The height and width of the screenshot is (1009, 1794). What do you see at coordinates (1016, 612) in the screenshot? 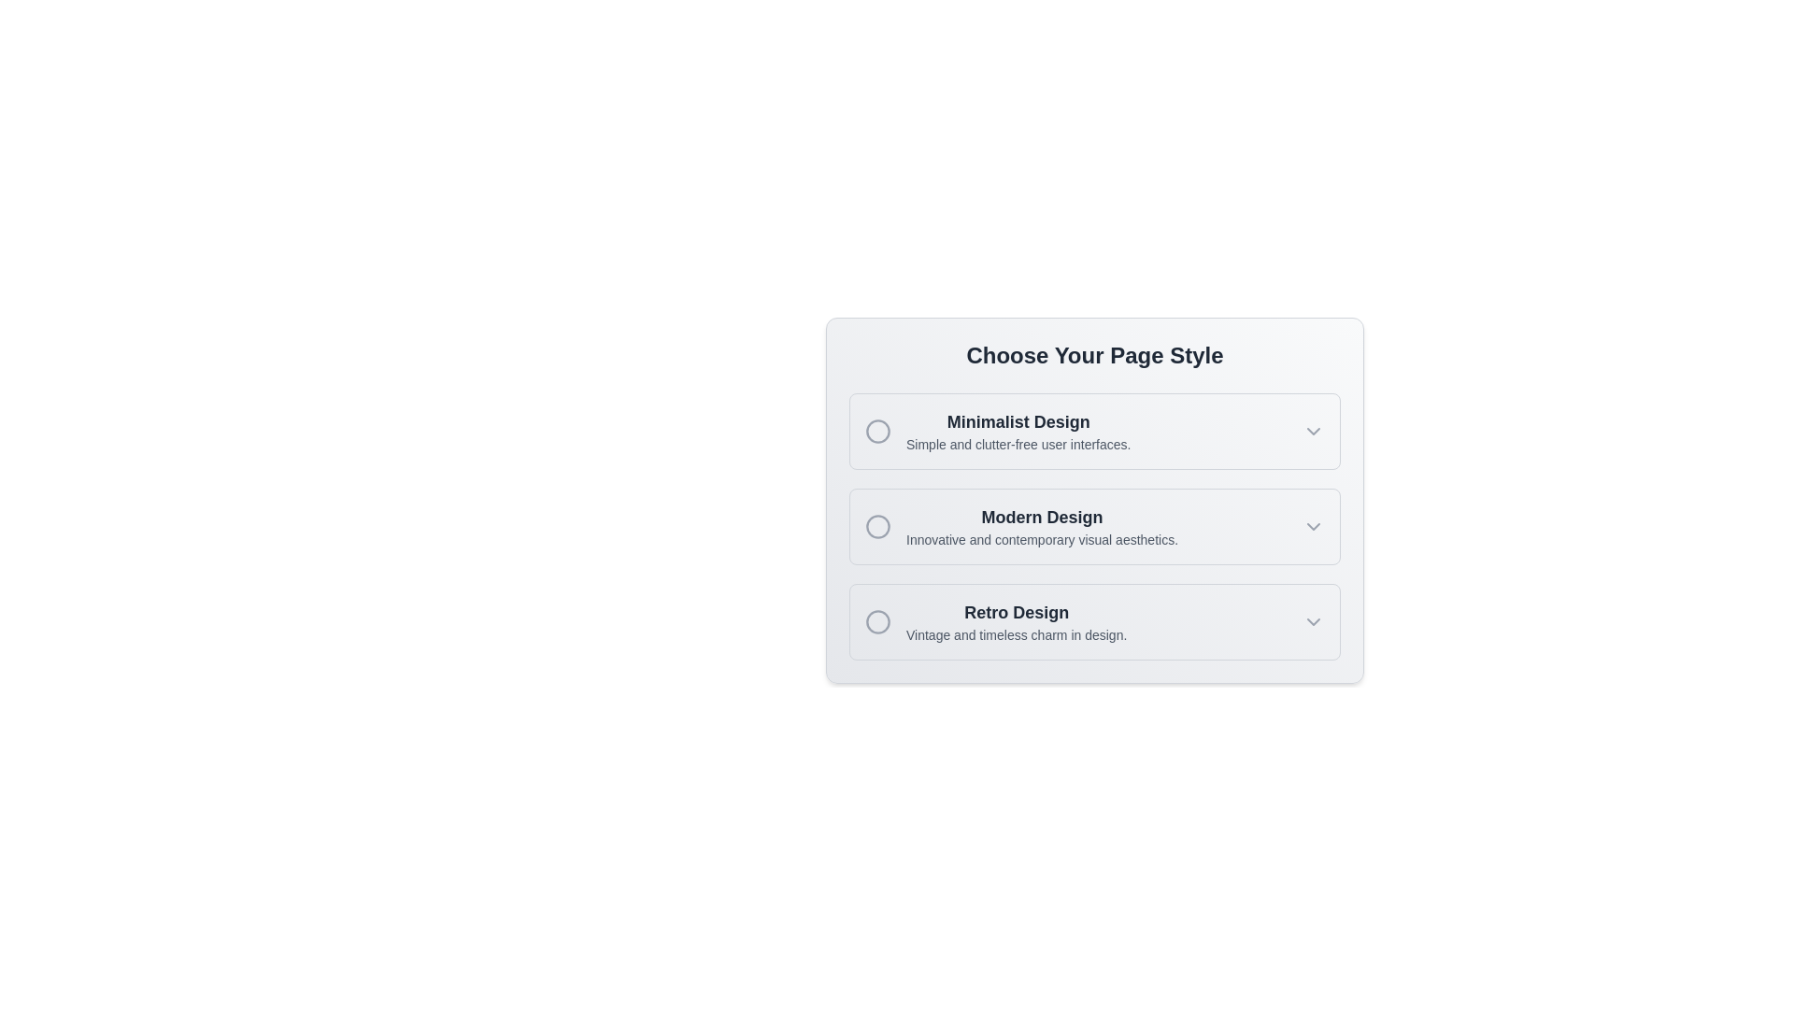
I see `the static text element that serves as the header for an option in the list of design styles, positioned below 'Modern Design' and above the description 'Vintage and timeless charm in design.'` at bounding box center [1016, 612].